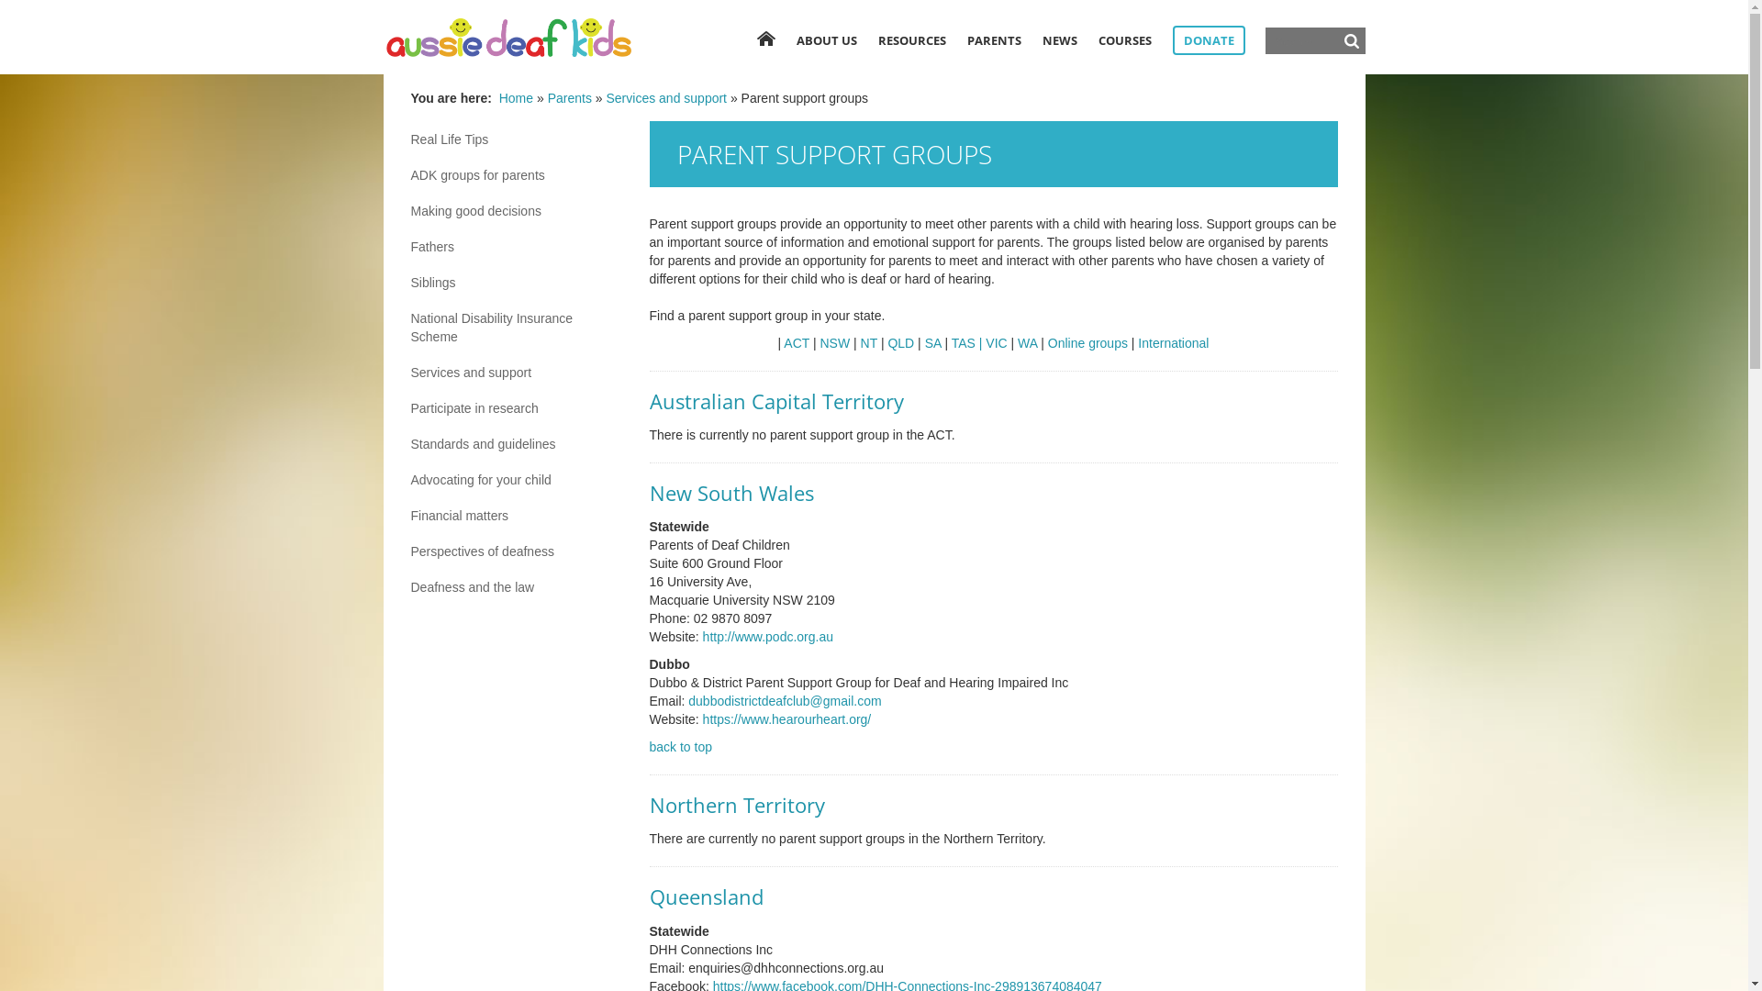 The width and height of the screenshot is (1762, 991). What do you see at coordinates (515, 175) in the screenshot?
I see `'ADK groups for parents'` at bounding box center [515, 175].